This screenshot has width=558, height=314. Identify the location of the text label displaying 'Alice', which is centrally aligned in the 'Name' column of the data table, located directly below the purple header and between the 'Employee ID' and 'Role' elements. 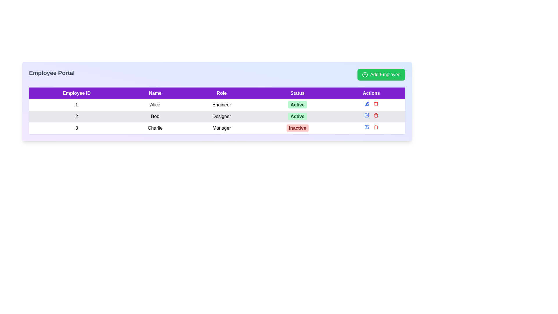
(155, 105).